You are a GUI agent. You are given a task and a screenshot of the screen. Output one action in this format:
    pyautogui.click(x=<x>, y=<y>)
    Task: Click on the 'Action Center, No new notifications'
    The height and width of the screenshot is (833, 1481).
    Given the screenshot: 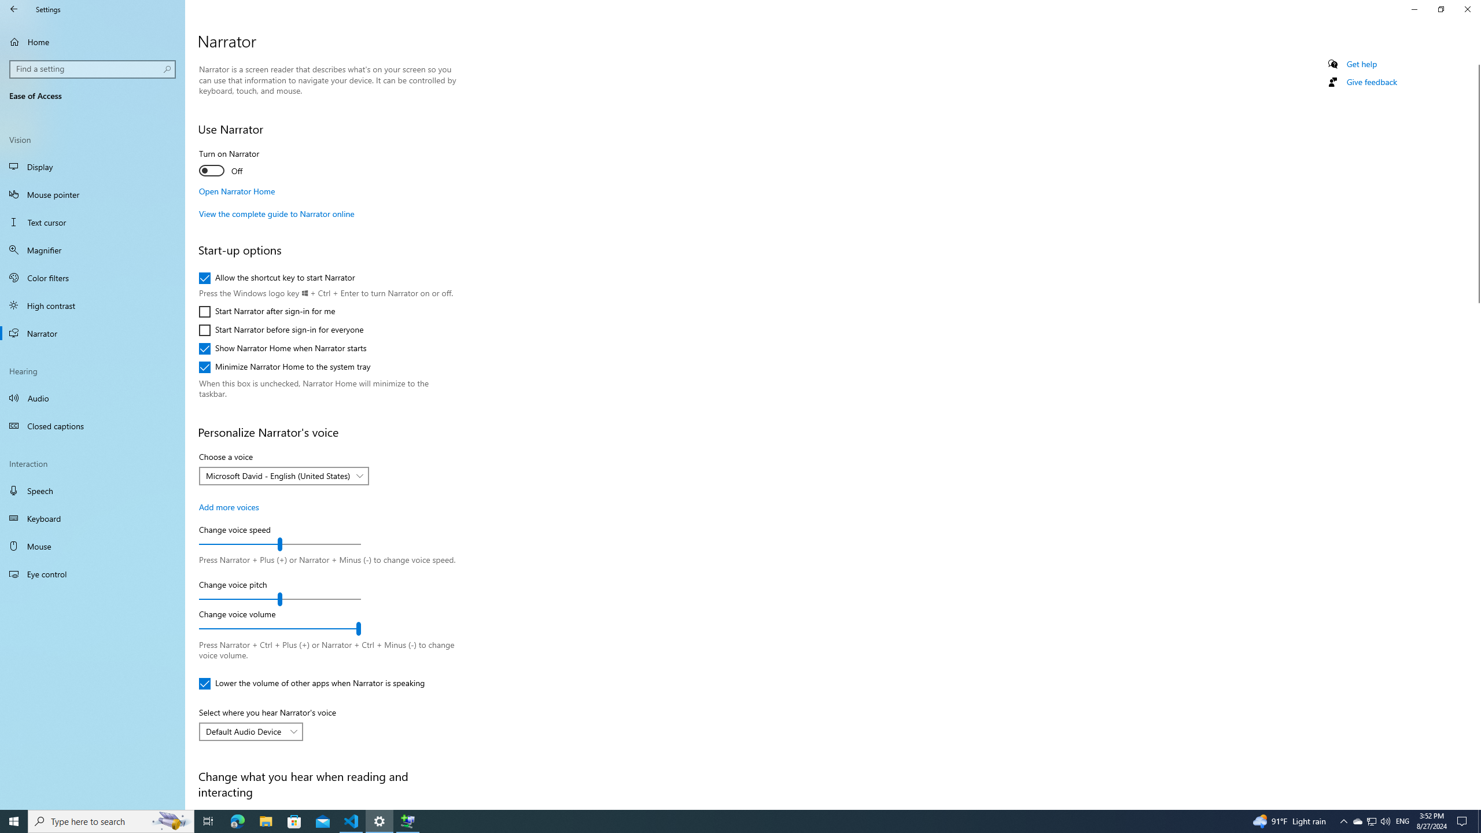 What is the action you would take?
    pyautogui.click(x=1464, y=820)
    